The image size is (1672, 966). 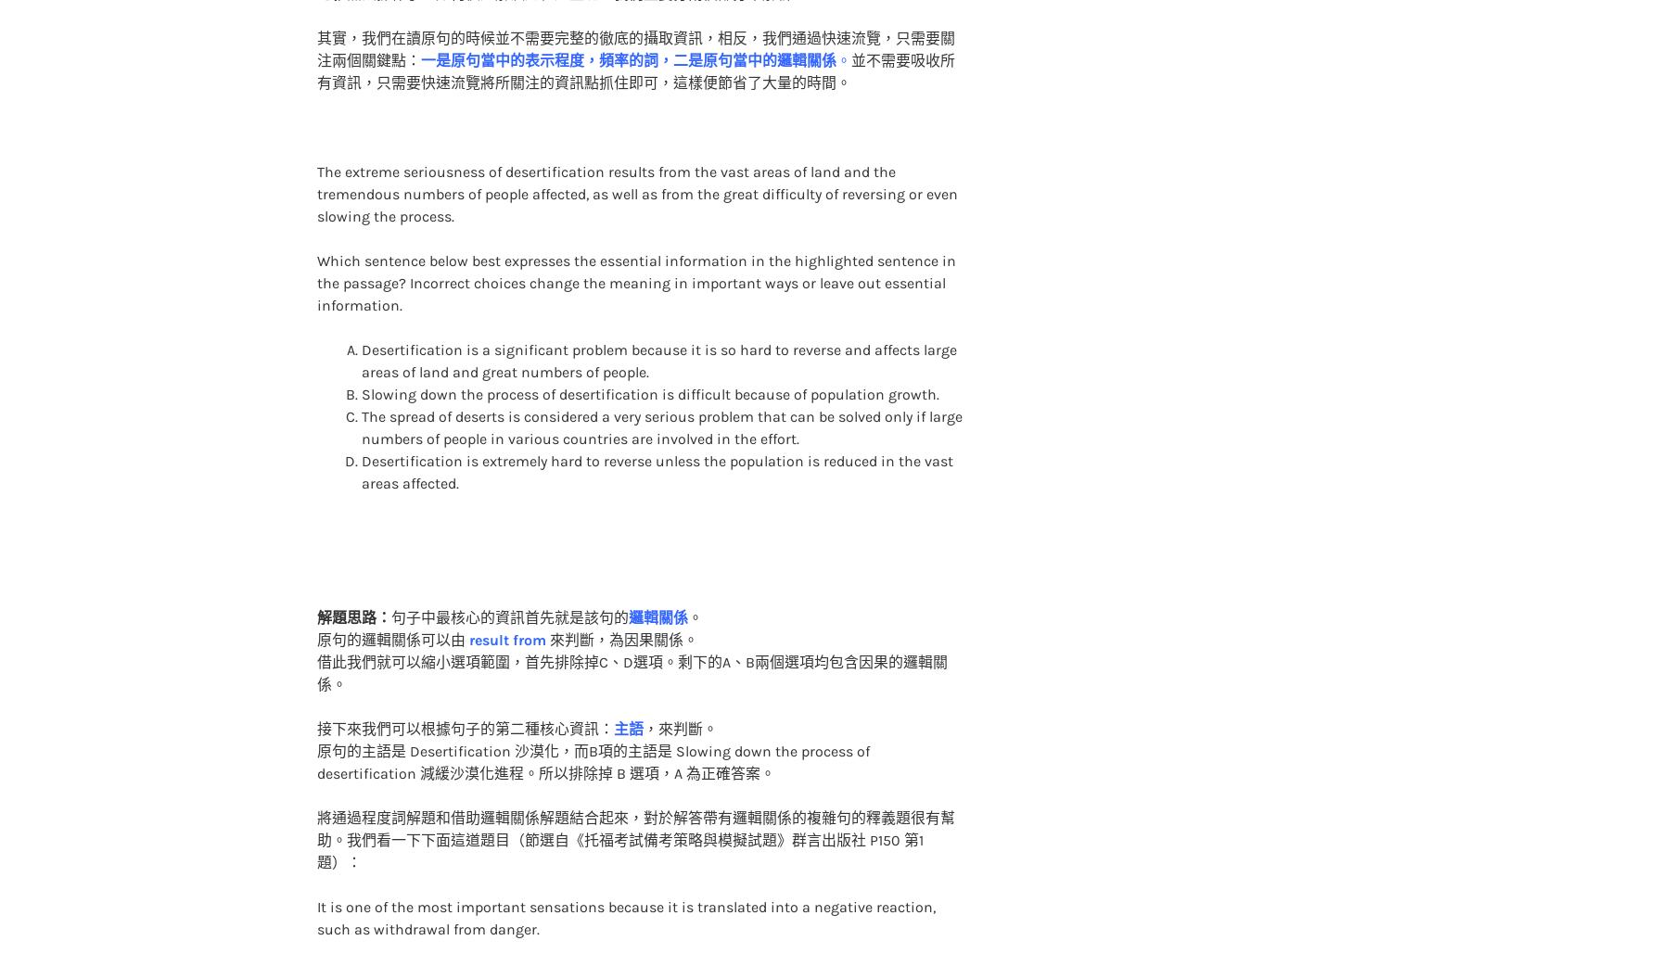 I want to click on 'Desertification is extremely hard to reverse unless the population is reduced in the vast areas affected.', so click(x=656, y=435).